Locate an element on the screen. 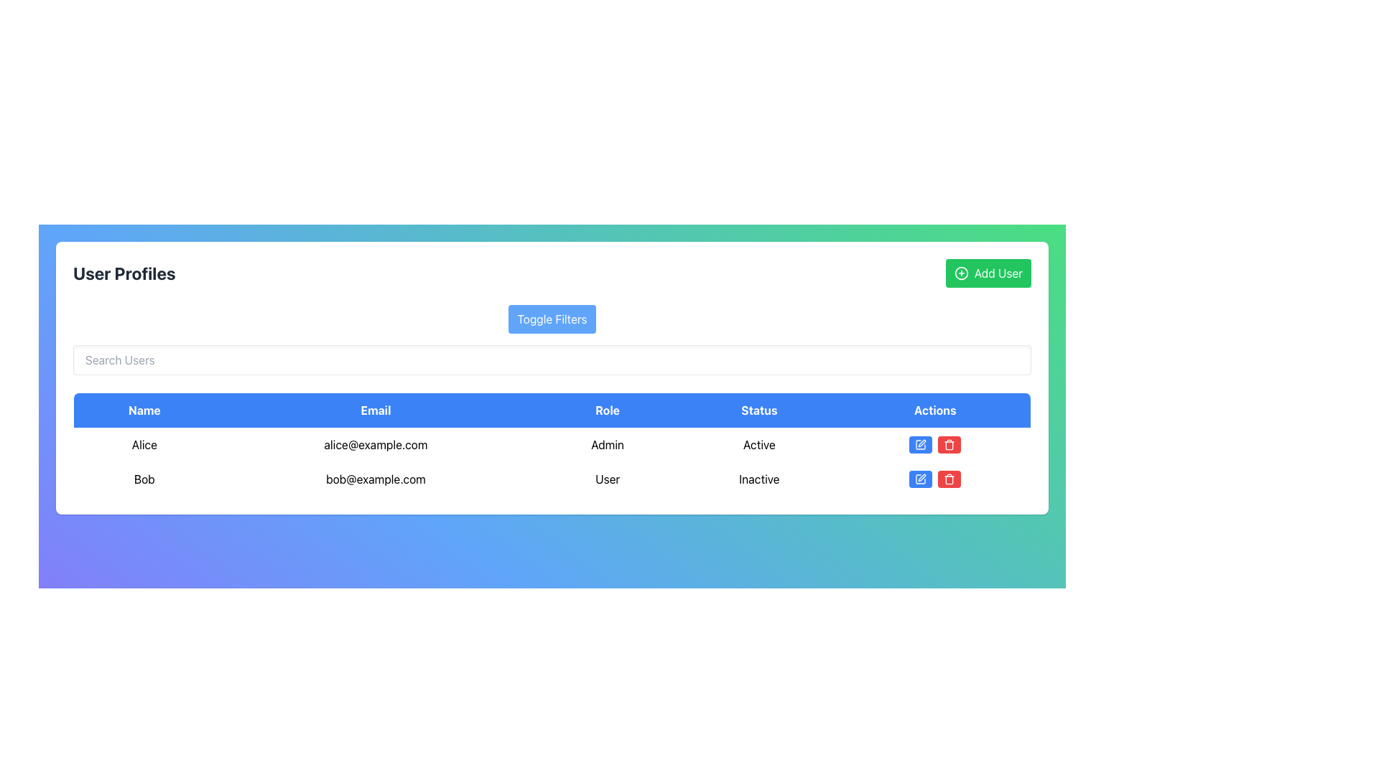 This screenshot has width=1379, height=775. the 'Edit' icon in the 'Actions' column of the second row of the data table to initiate editing functionality is located at coordinates (921, 442).